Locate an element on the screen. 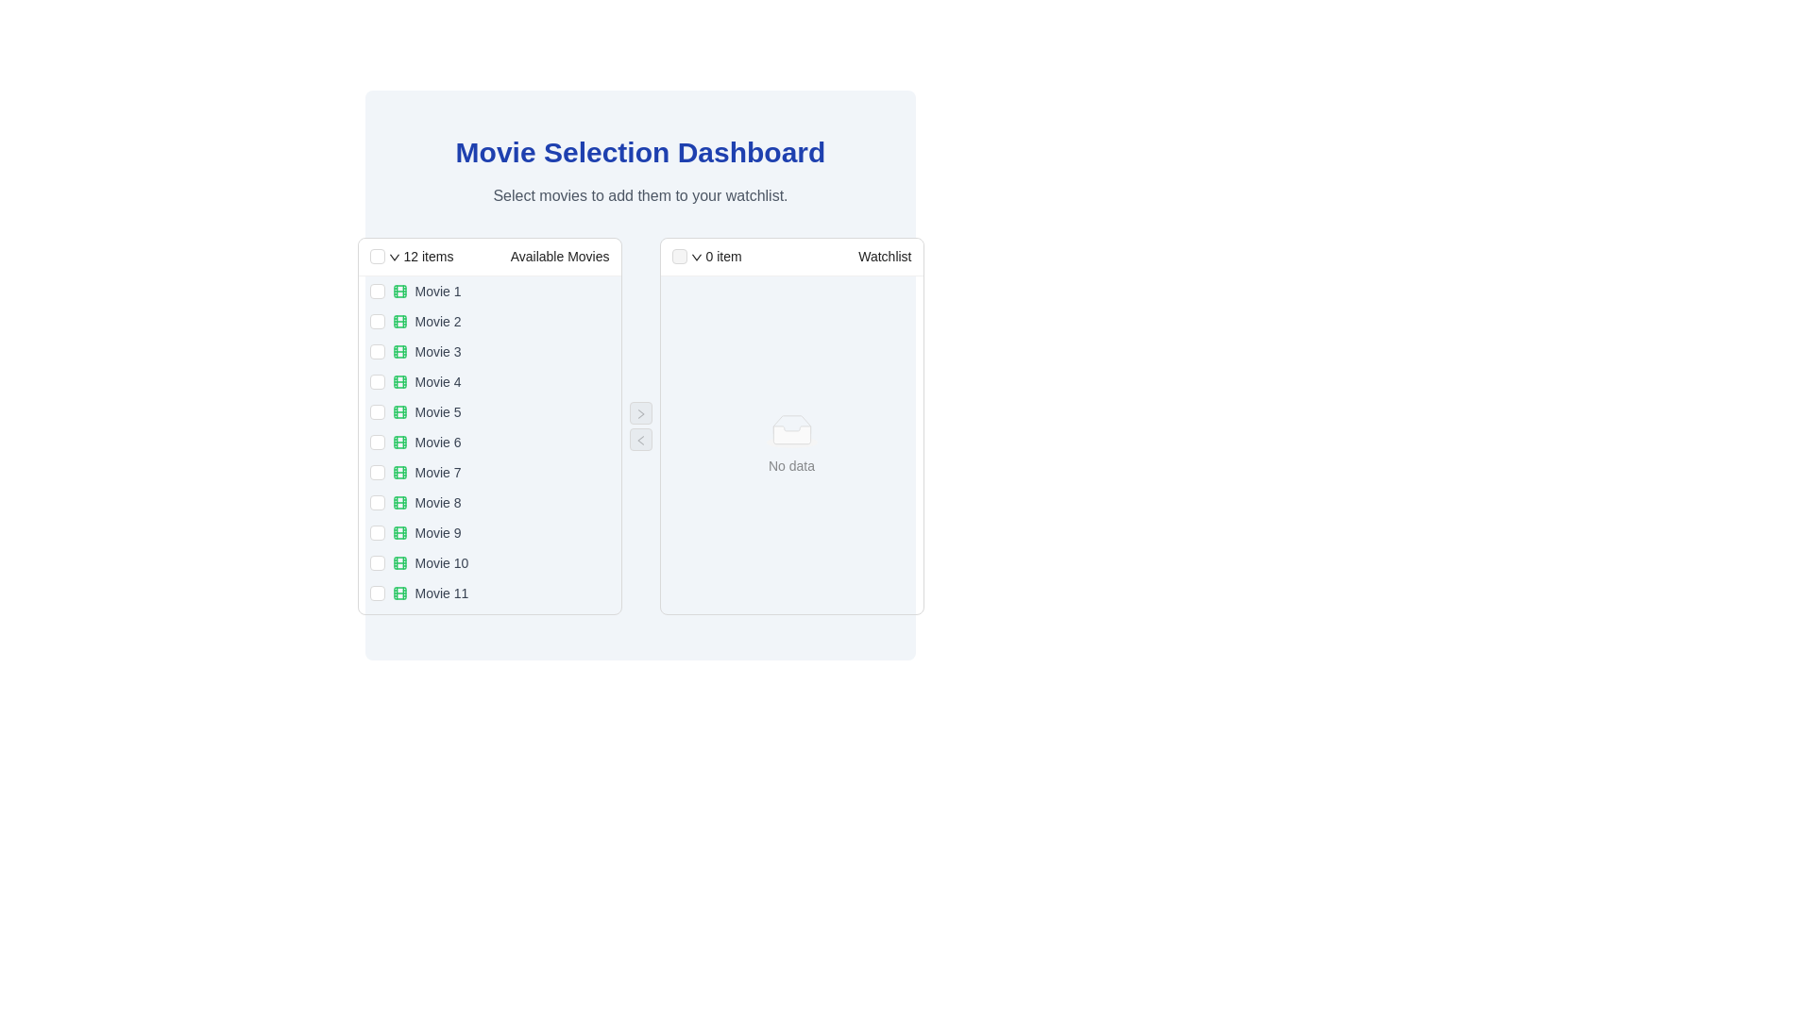 The image size is (1813, 1019). the selectable list item labeled 'Movie 5' in the 'Available Movies' column is located at coordinates (500, 410).